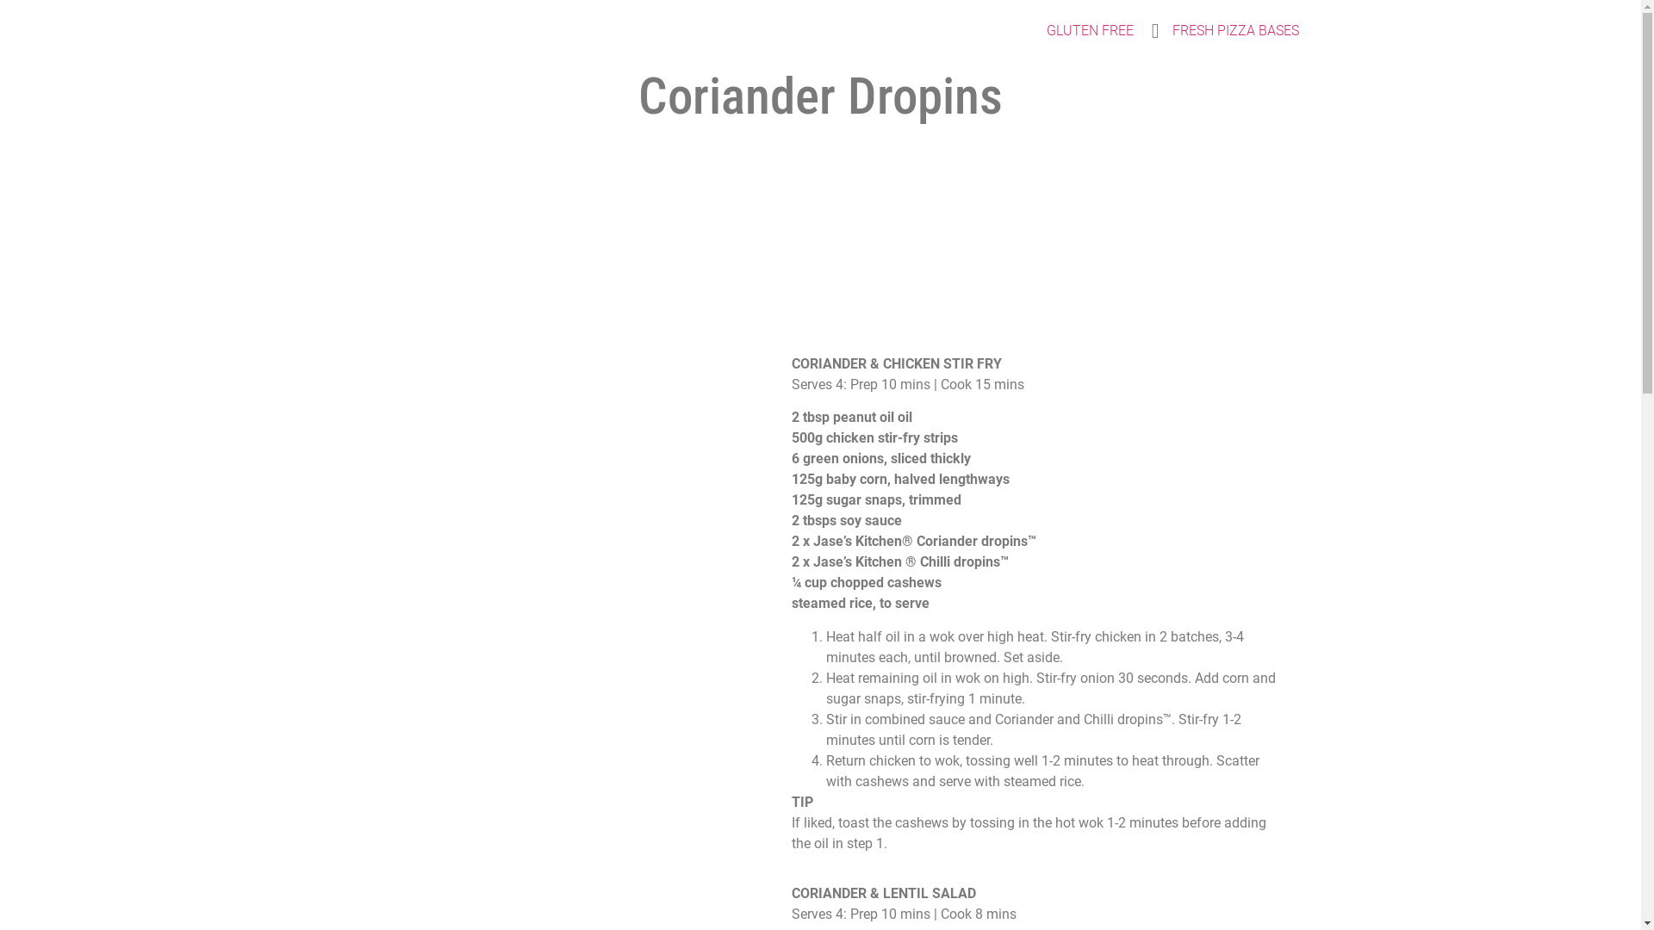 This screenshot has height=930, width=1654. What do you see at coordinates (1089, 30) in the screenshot?
I see `'GLUTEN FREE'` at bounding box center [1089, 30].